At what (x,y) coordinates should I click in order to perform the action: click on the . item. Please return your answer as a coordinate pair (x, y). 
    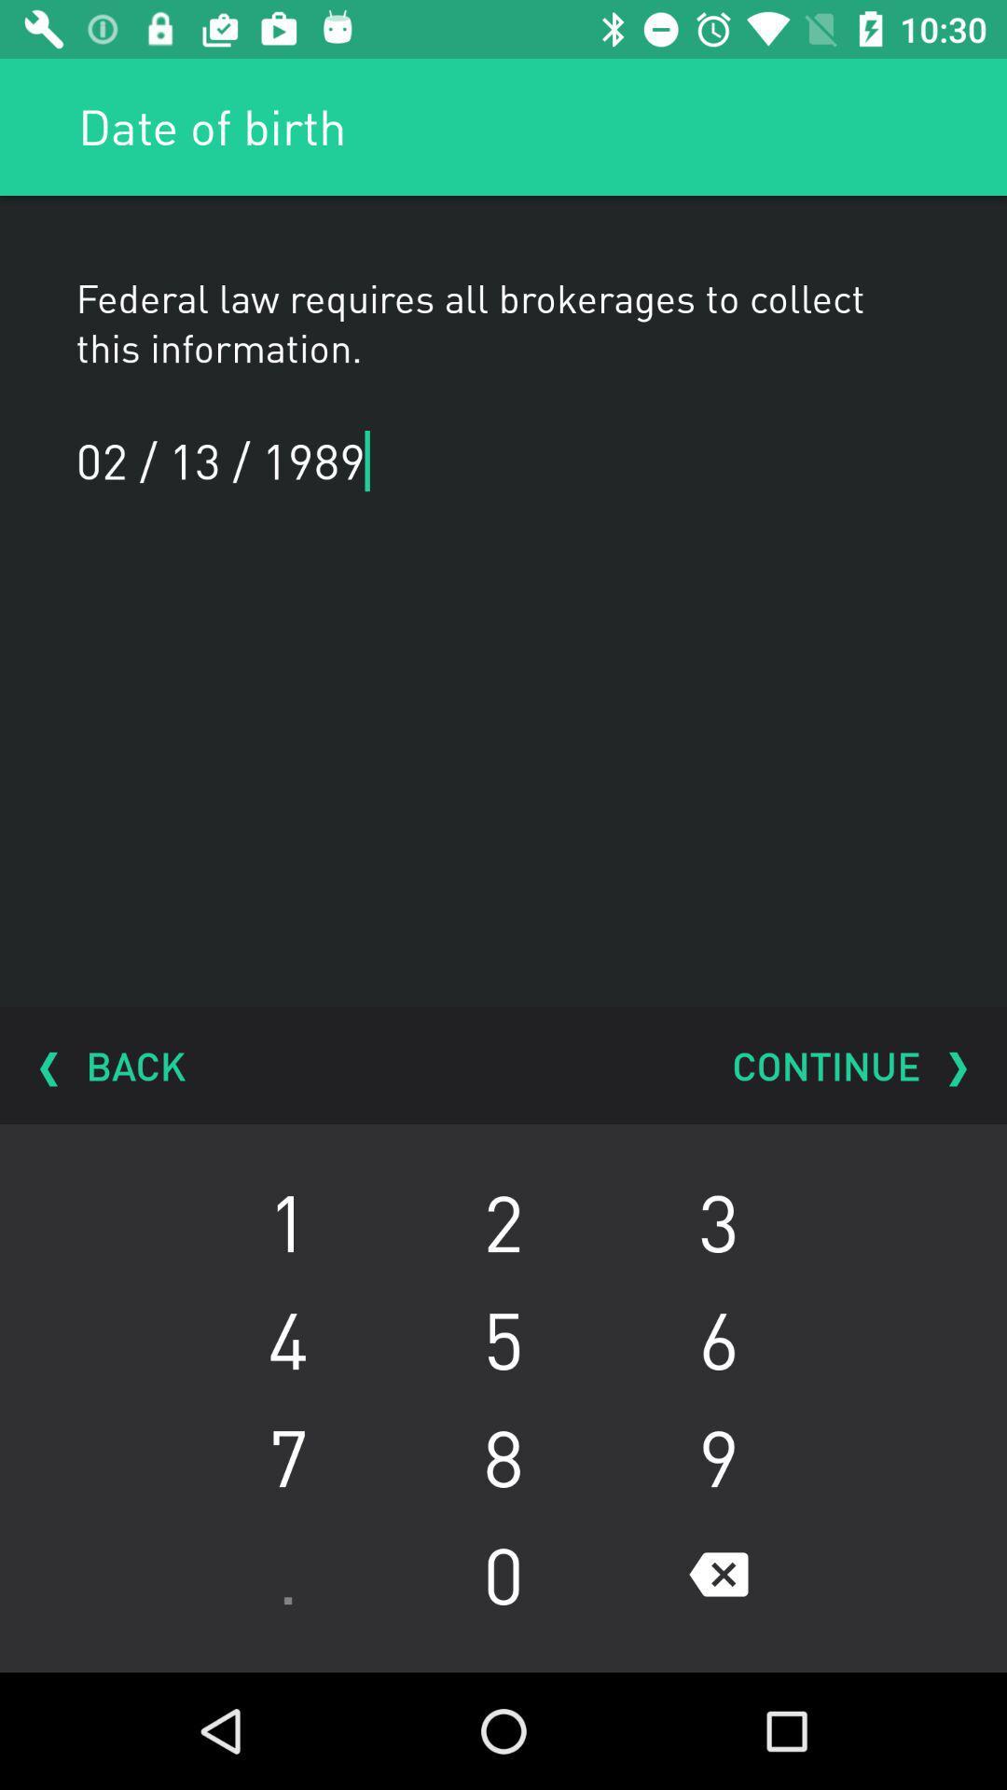
    Looking at the image, I should click on (287, 1574).